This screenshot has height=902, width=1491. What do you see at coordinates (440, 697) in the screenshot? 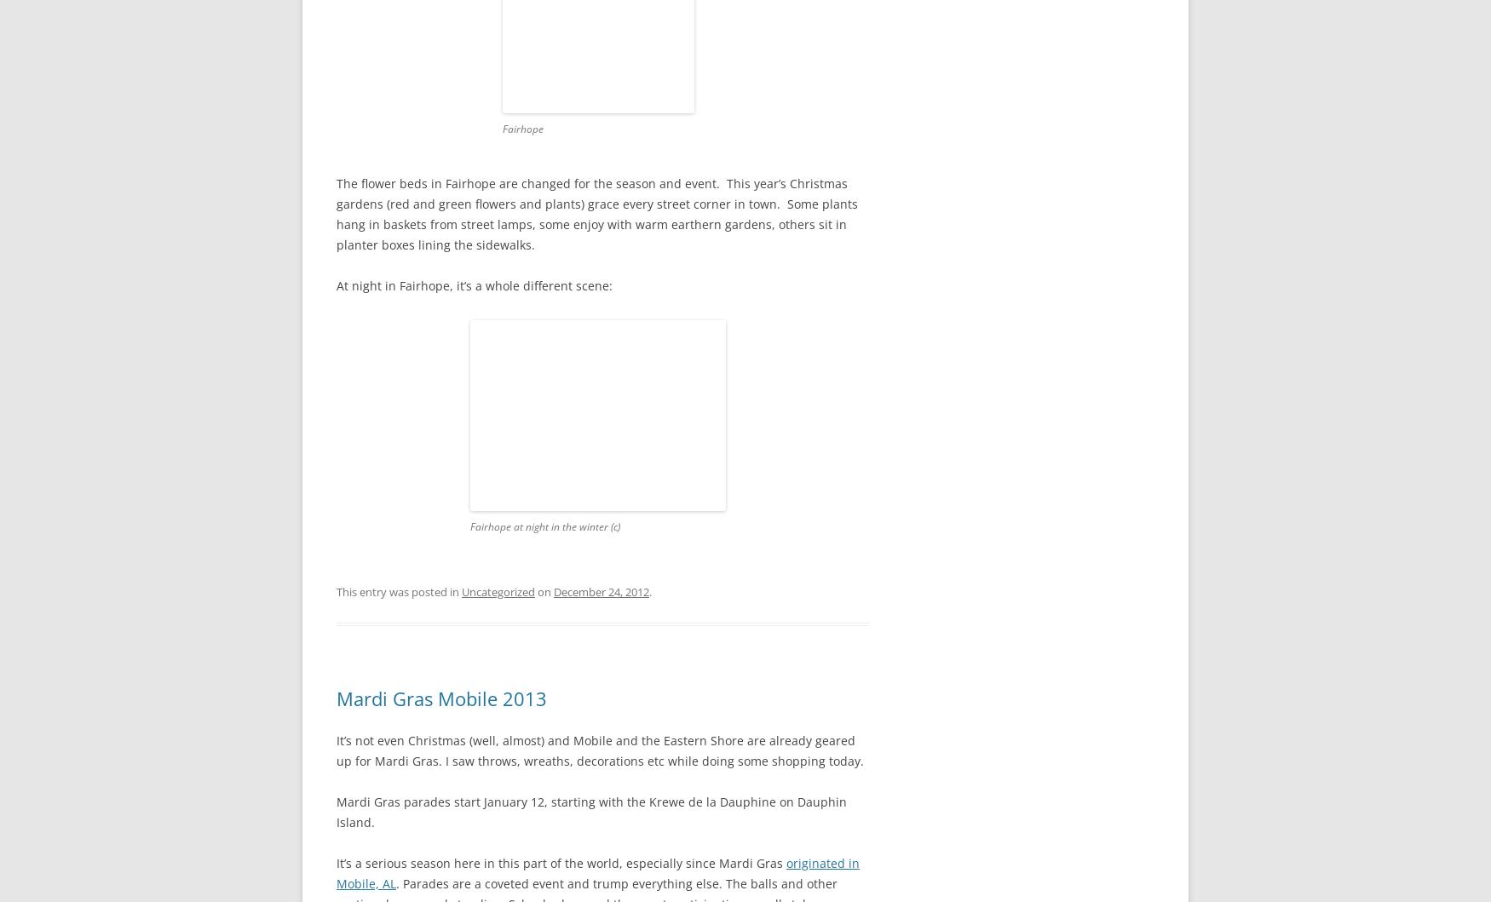
I see `'Mardi Gras Mobile 2013'` at bounding box center [440, 697].